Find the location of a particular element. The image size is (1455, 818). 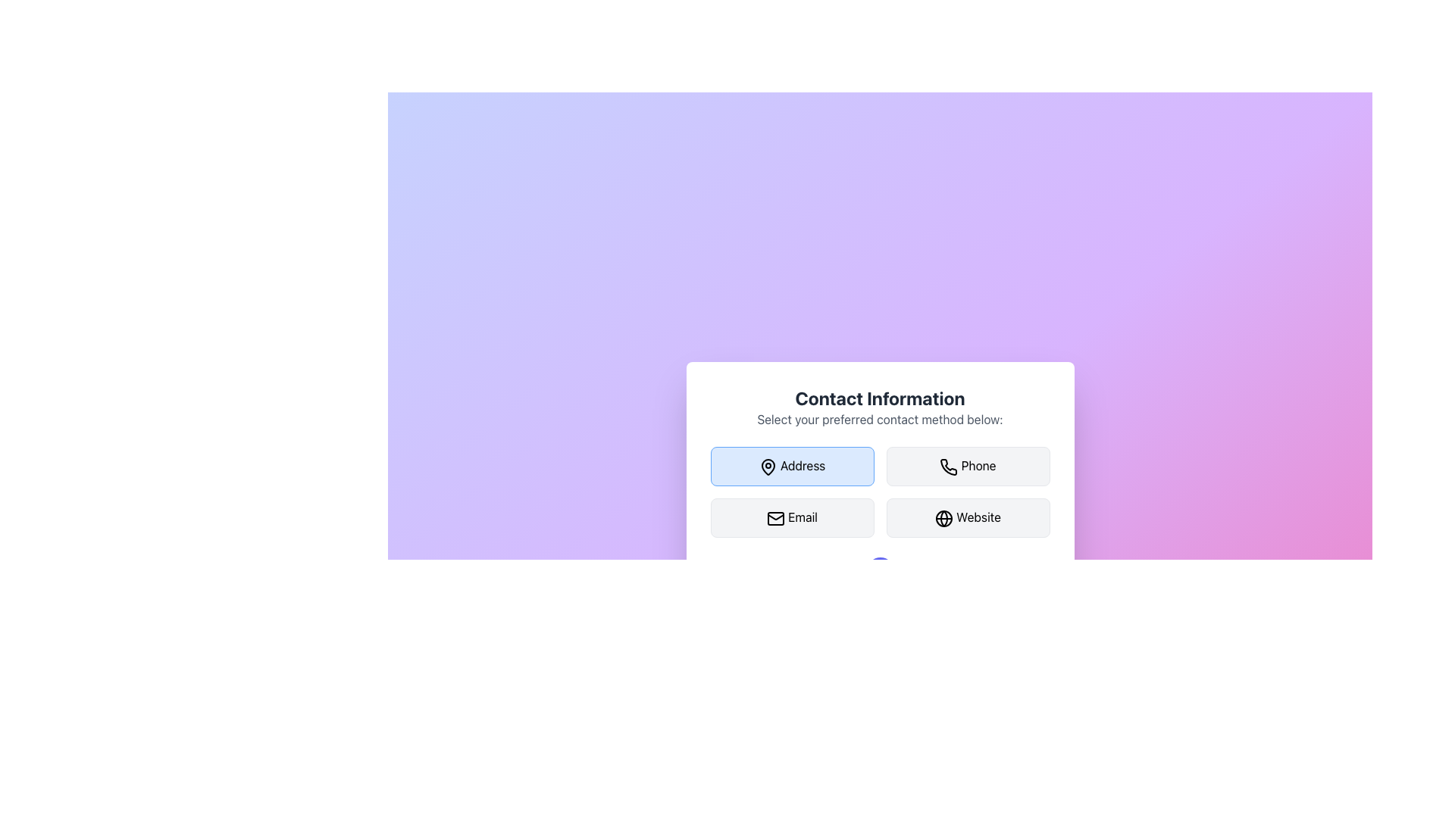

the SVG Circle which is part of the globe icon located inside the 'Website' button at the bottom right of four buttons labeled Address, Phone, Email, and Website is located at coordinates (943, 517).